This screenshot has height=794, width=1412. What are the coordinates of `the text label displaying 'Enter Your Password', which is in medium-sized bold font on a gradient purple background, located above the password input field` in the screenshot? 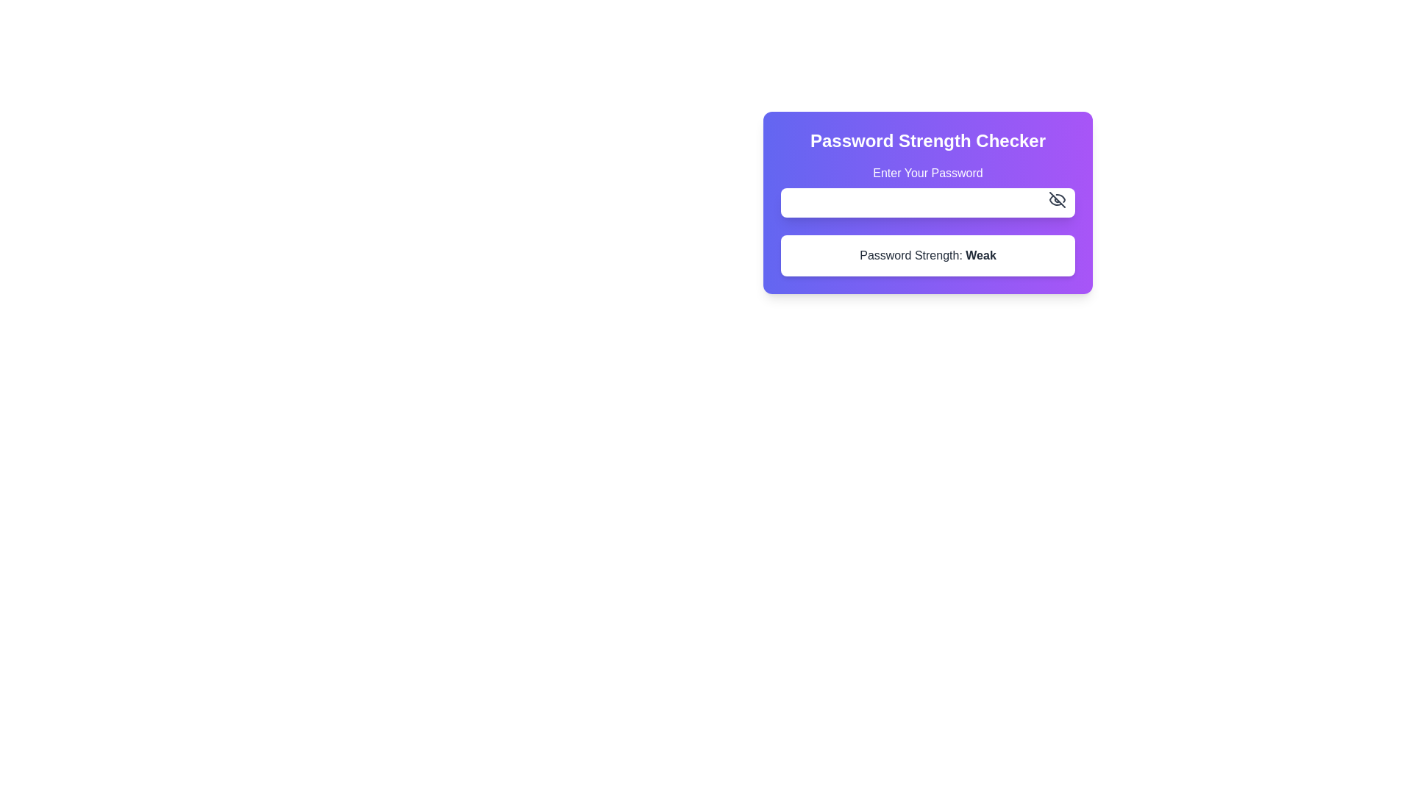 It's located at (927, 172).